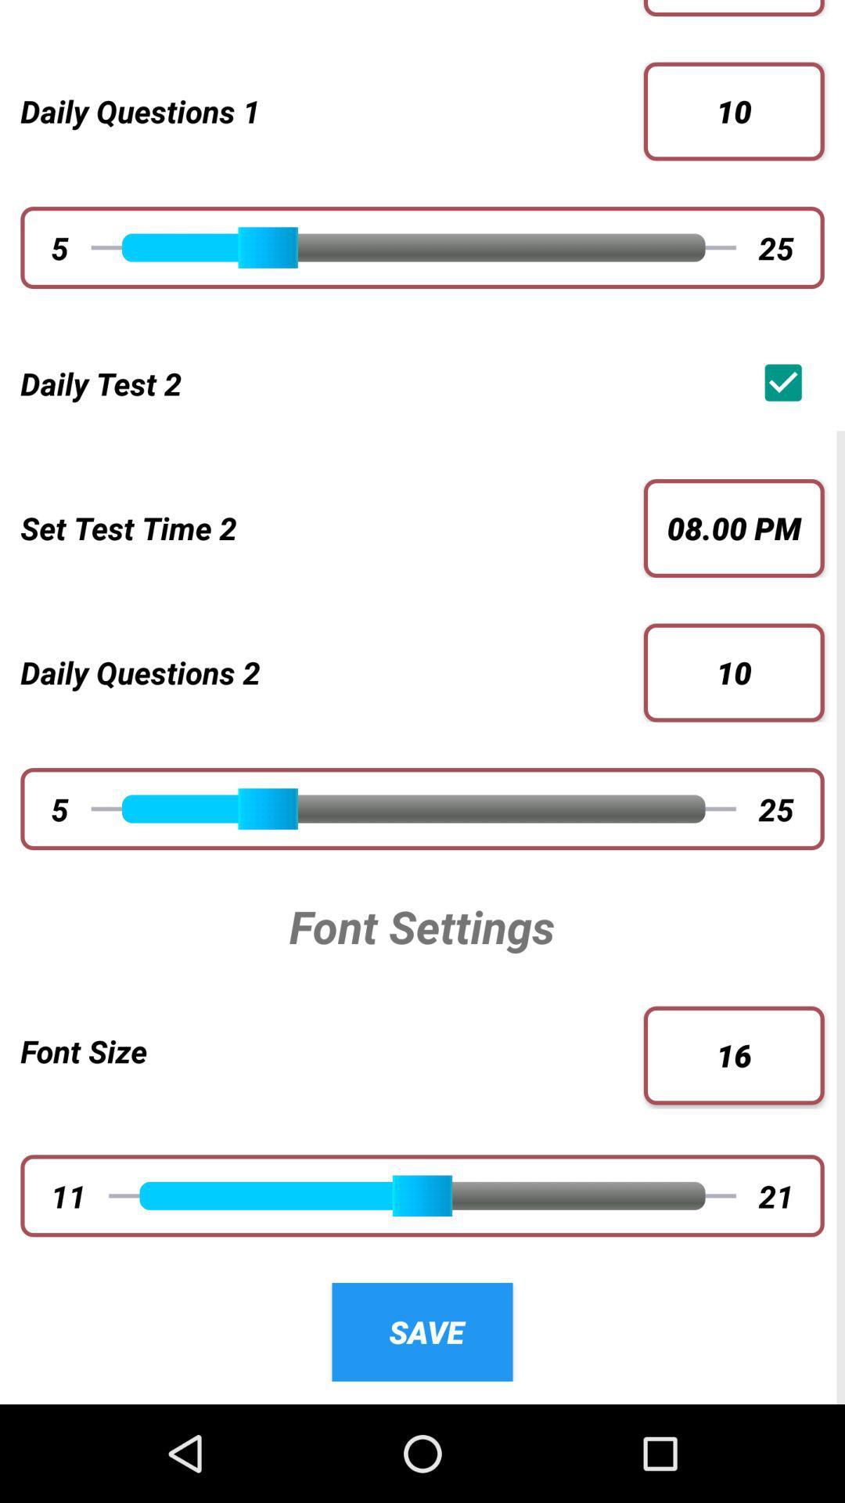  I want to click on font size, so click(331, 1051).